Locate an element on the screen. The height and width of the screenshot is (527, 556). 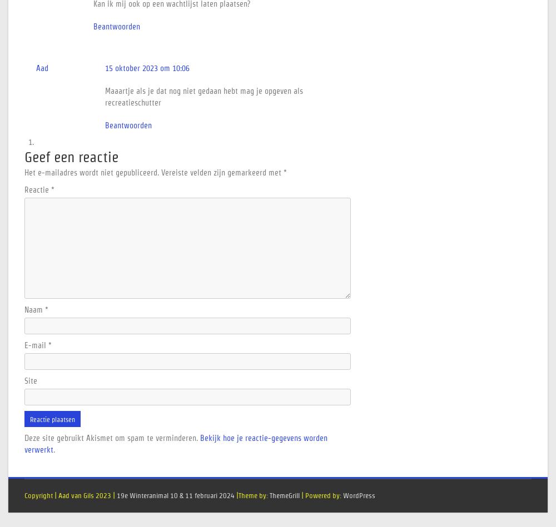
'Maaartje als je dat nog niet gedaan hebt mag je opgeven als recreatieschutter' is located at coordinates (203, 96).